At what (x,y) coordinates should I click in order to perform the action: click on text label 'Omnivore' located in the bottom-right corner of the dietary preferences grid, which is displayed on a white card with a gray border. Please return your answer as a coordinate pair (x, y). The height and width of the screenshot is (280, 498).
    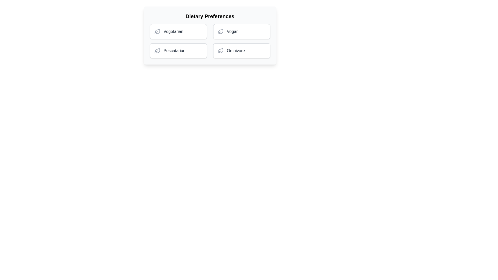
    Looking at the image, I should click on (236, 51).